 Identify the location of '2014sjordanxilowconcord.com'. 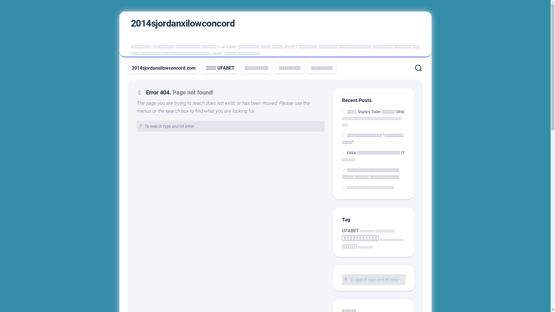
(132, 68).